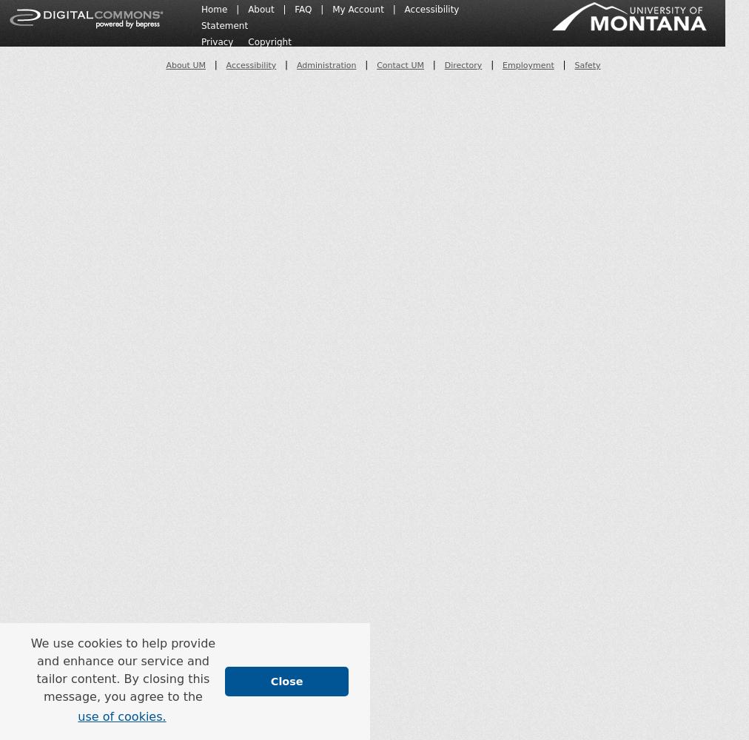 The width and height of the screenshot is (749, 740). What do you see at coordinates (201, 9) in the screenshot?
I see `'Home'` at bounding box center [201, 9].